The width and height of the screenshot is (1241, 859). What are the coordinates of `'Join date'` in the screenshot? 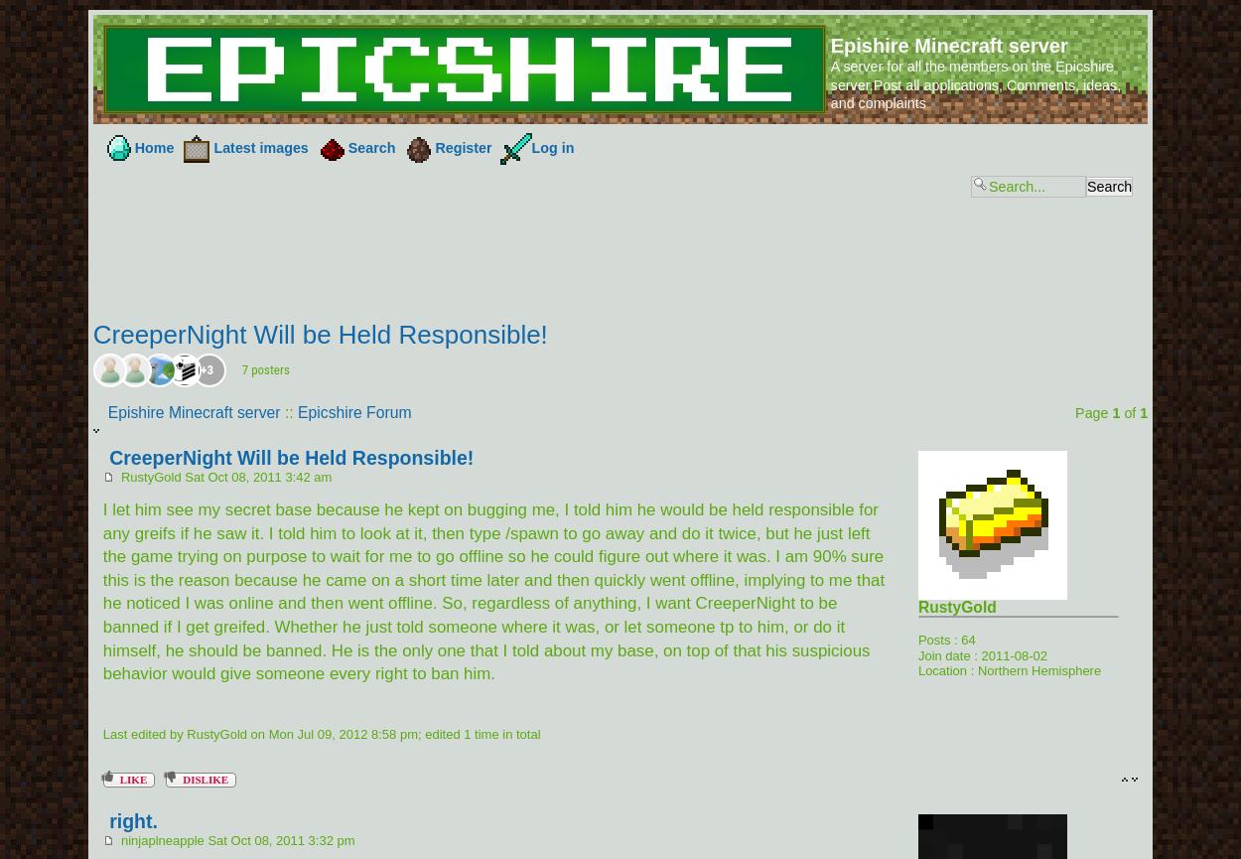 It's located at (942, 654).